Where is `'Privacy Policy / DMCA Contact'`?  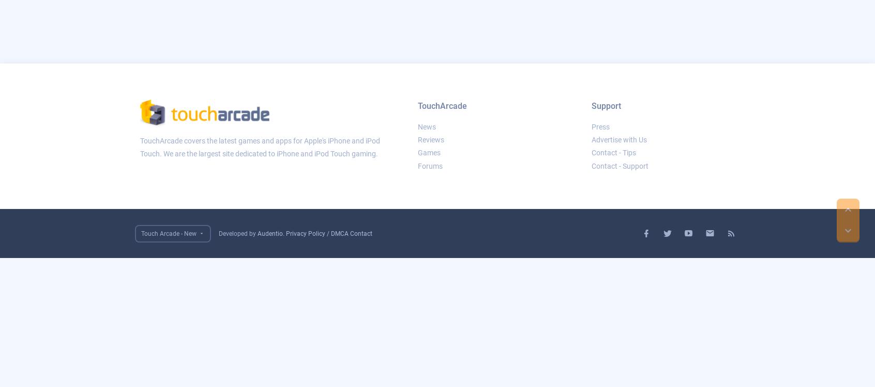 'Privacy Policy / DMCA Contact' is located at coordinates (329, 233).